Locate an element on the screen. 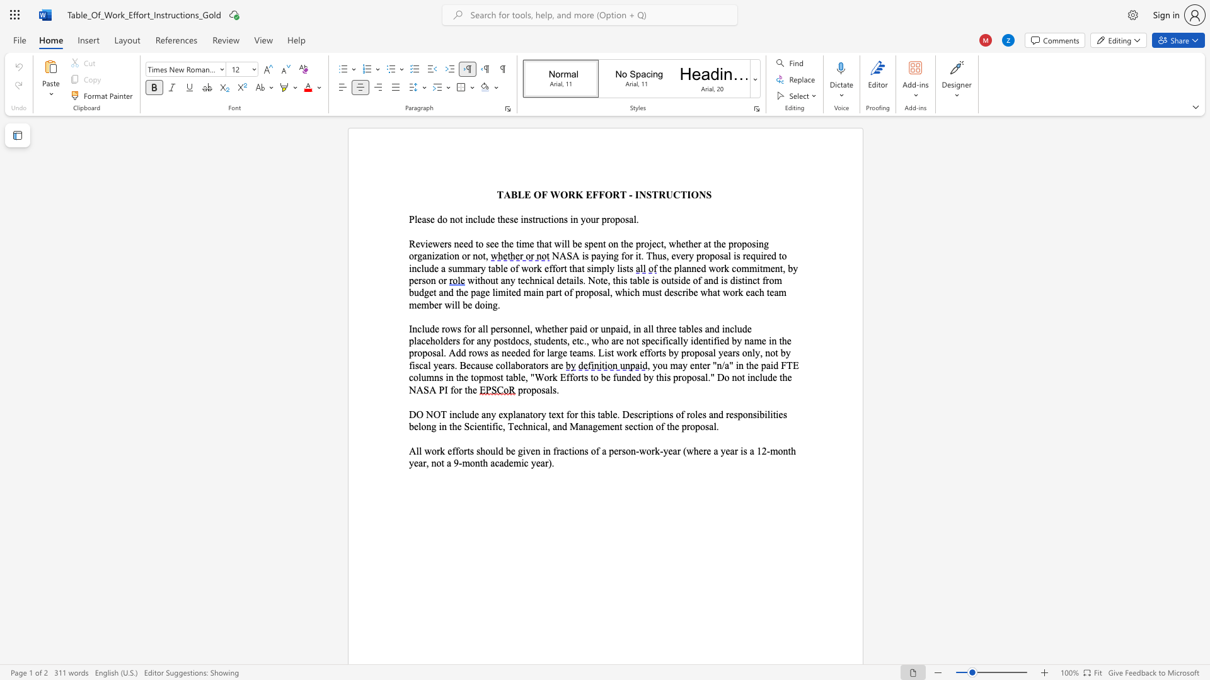  the 9th character "t" in the text is located at coordinates (686, 244).